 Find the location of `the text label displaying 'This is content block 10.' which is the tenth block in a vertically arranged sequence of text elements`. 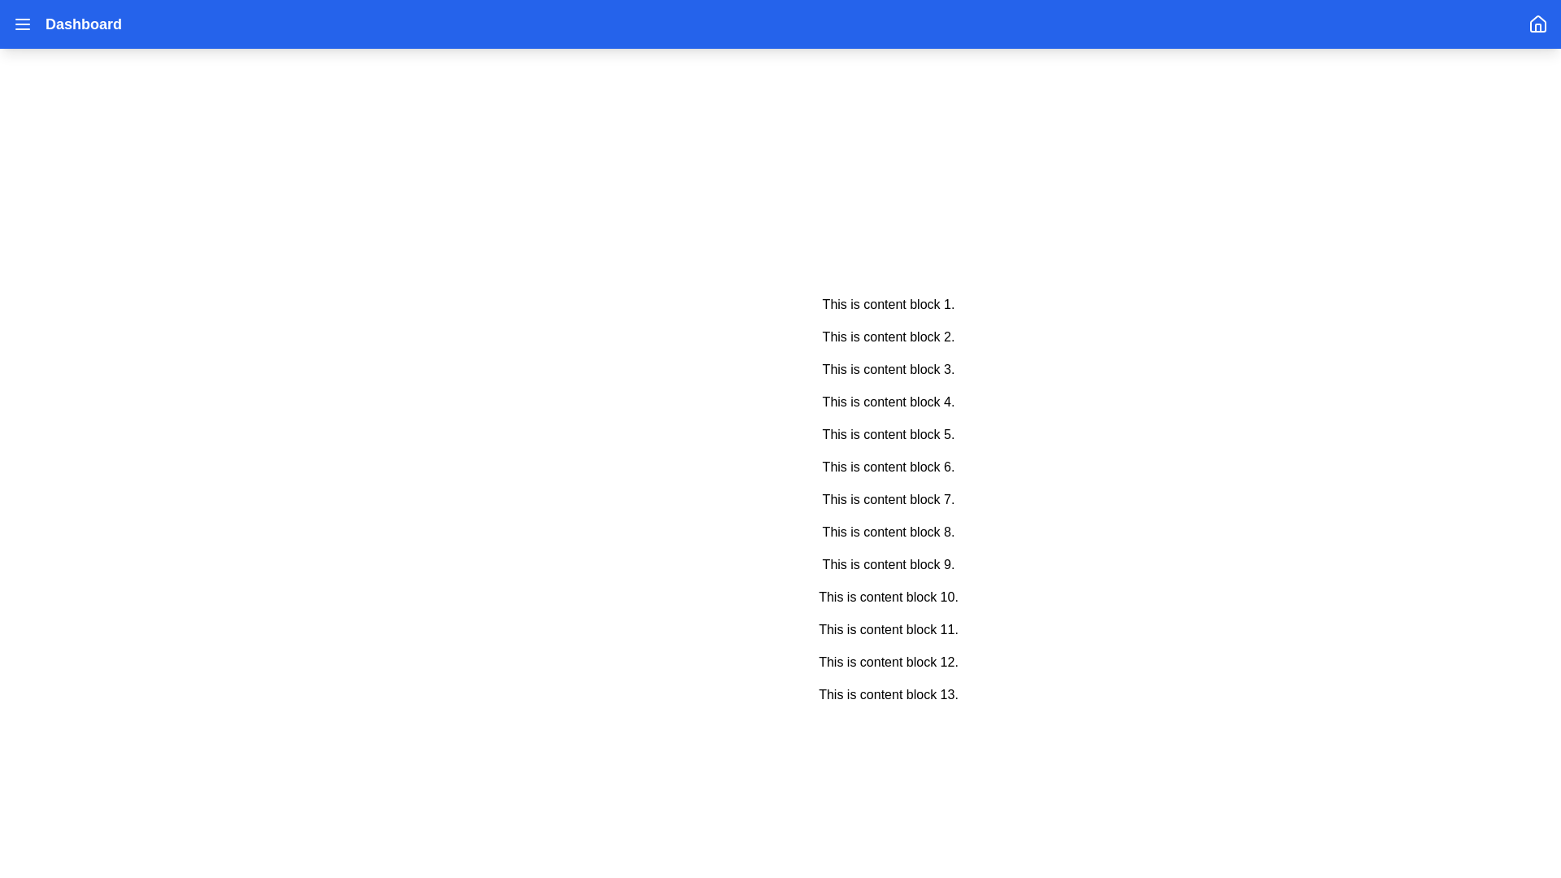

the text label displaying 'This is content block 10.' which is the tenth block in a vertically arranged sequence of text elements is located at coordinates (888, 598).